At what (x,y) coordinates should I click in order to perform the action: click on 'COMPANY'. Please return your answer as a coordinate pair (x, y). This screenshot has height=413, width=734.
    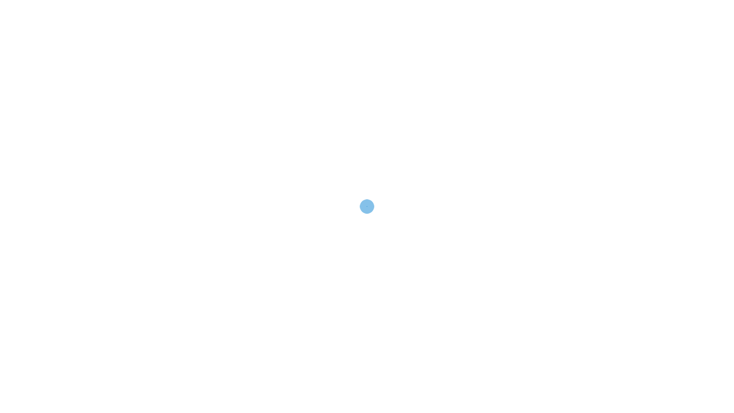
    Looking at the image, I should click on (318, 50).